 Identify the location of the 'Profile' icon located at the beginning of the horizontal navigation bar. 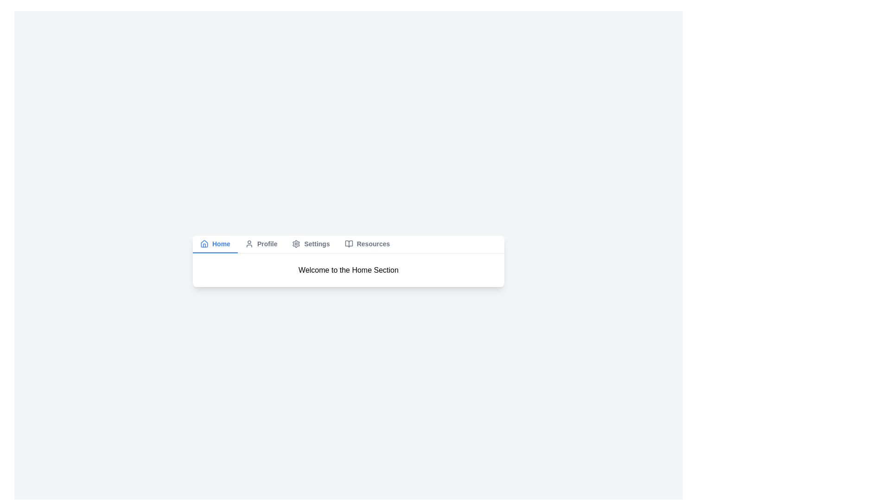
(249, 243).